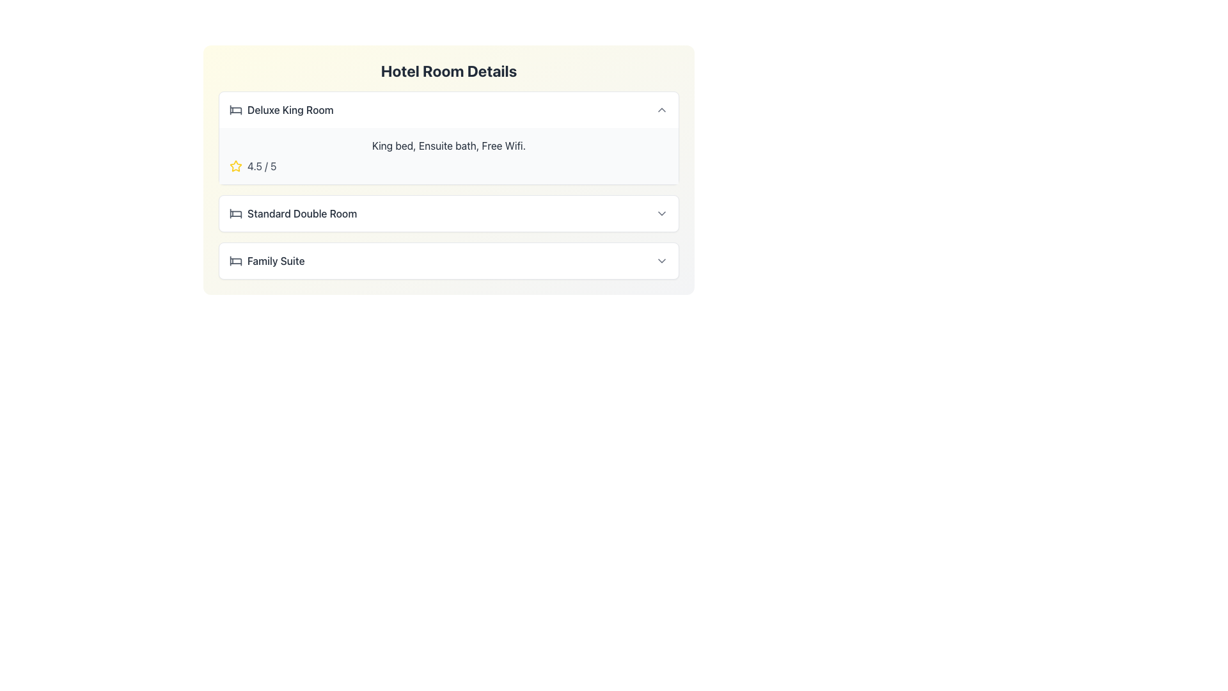 This screenshot has width=1228, height=691. I want to click on the chevron icon located on the right side of the 'Family Suite' section to expand or collapse its details, so click(662, 260).